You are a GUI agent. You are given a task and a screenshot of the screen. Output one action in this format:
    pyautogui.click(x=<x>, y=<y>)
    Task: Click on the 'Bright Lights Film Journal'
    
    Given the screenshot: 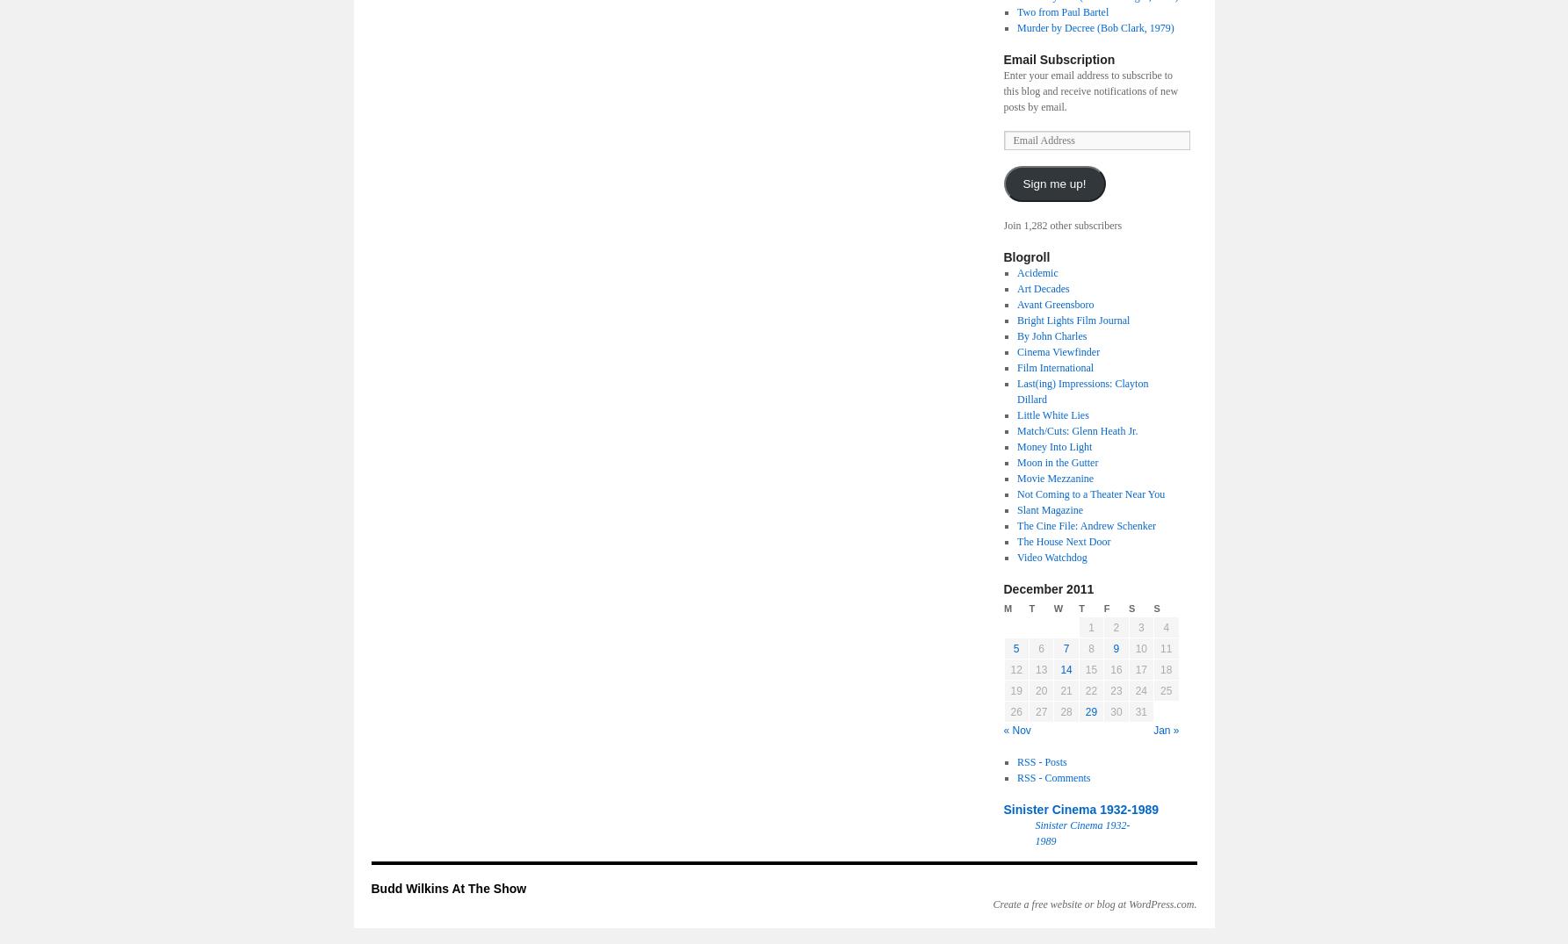 What is the action you would take?
    pyautogui.click(x=1073, y=320)
    